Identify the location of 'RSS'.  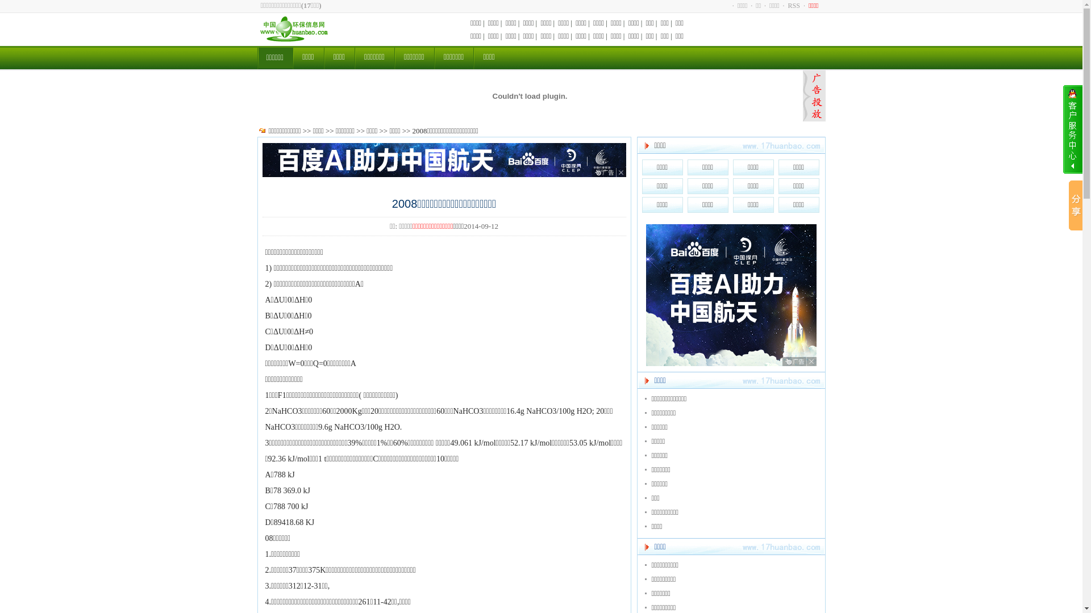
(793, 6).